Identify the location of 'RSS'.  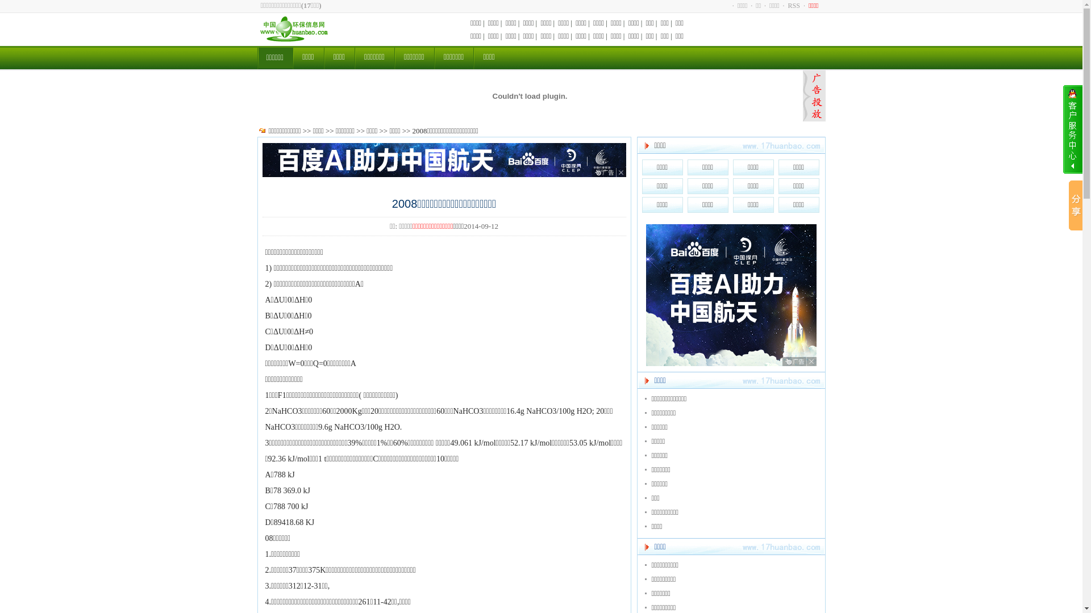
(793, 6).